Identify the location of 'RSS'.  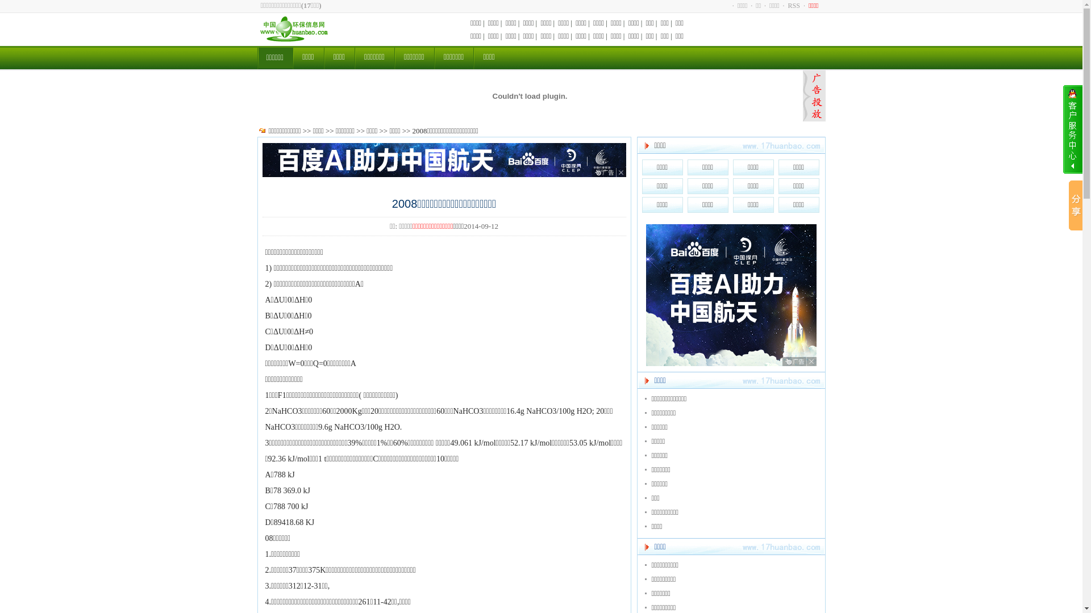
(793, 6).